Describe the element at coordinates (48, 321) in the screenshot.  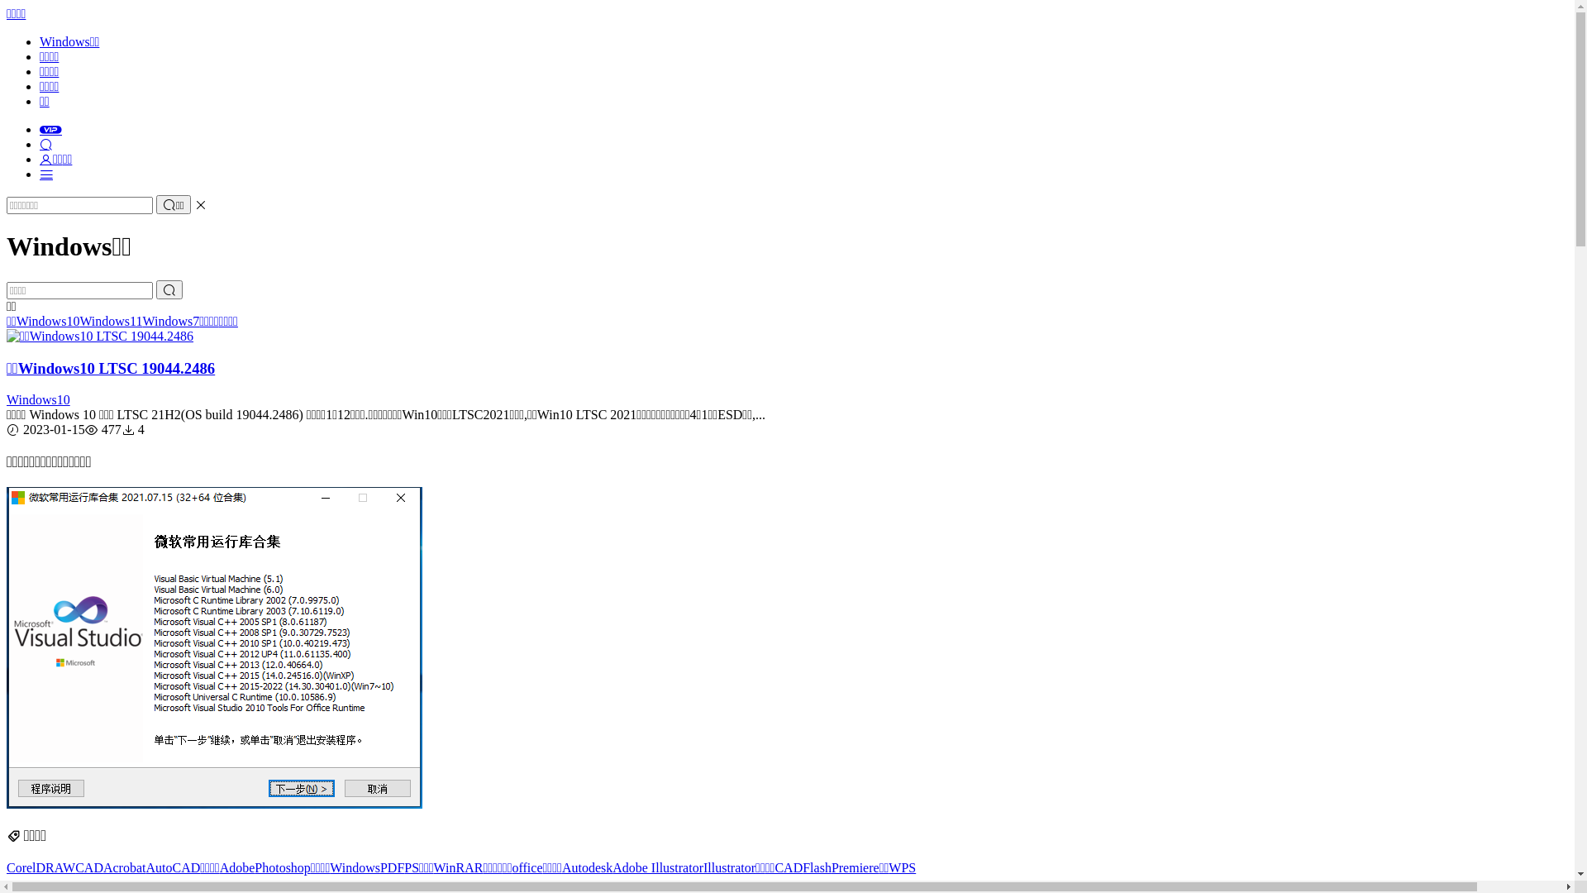
I see `'Windows10'` at that location.